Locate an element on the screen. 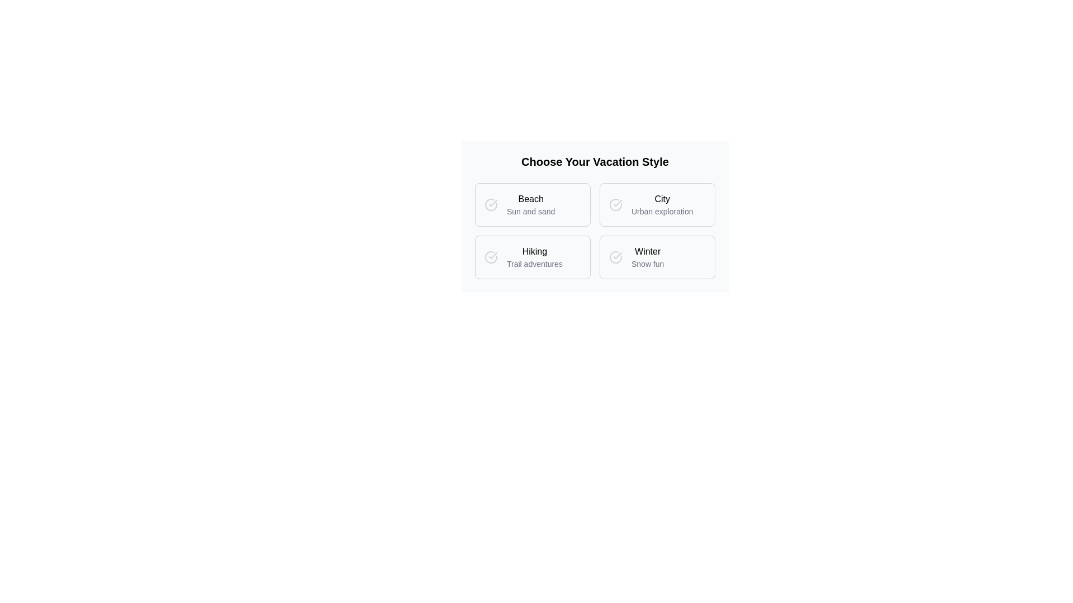  the descriptive text label located below the 'Hiking' title in the bottom-left quadrant of the grid layout is located at coordinates (534, 264).